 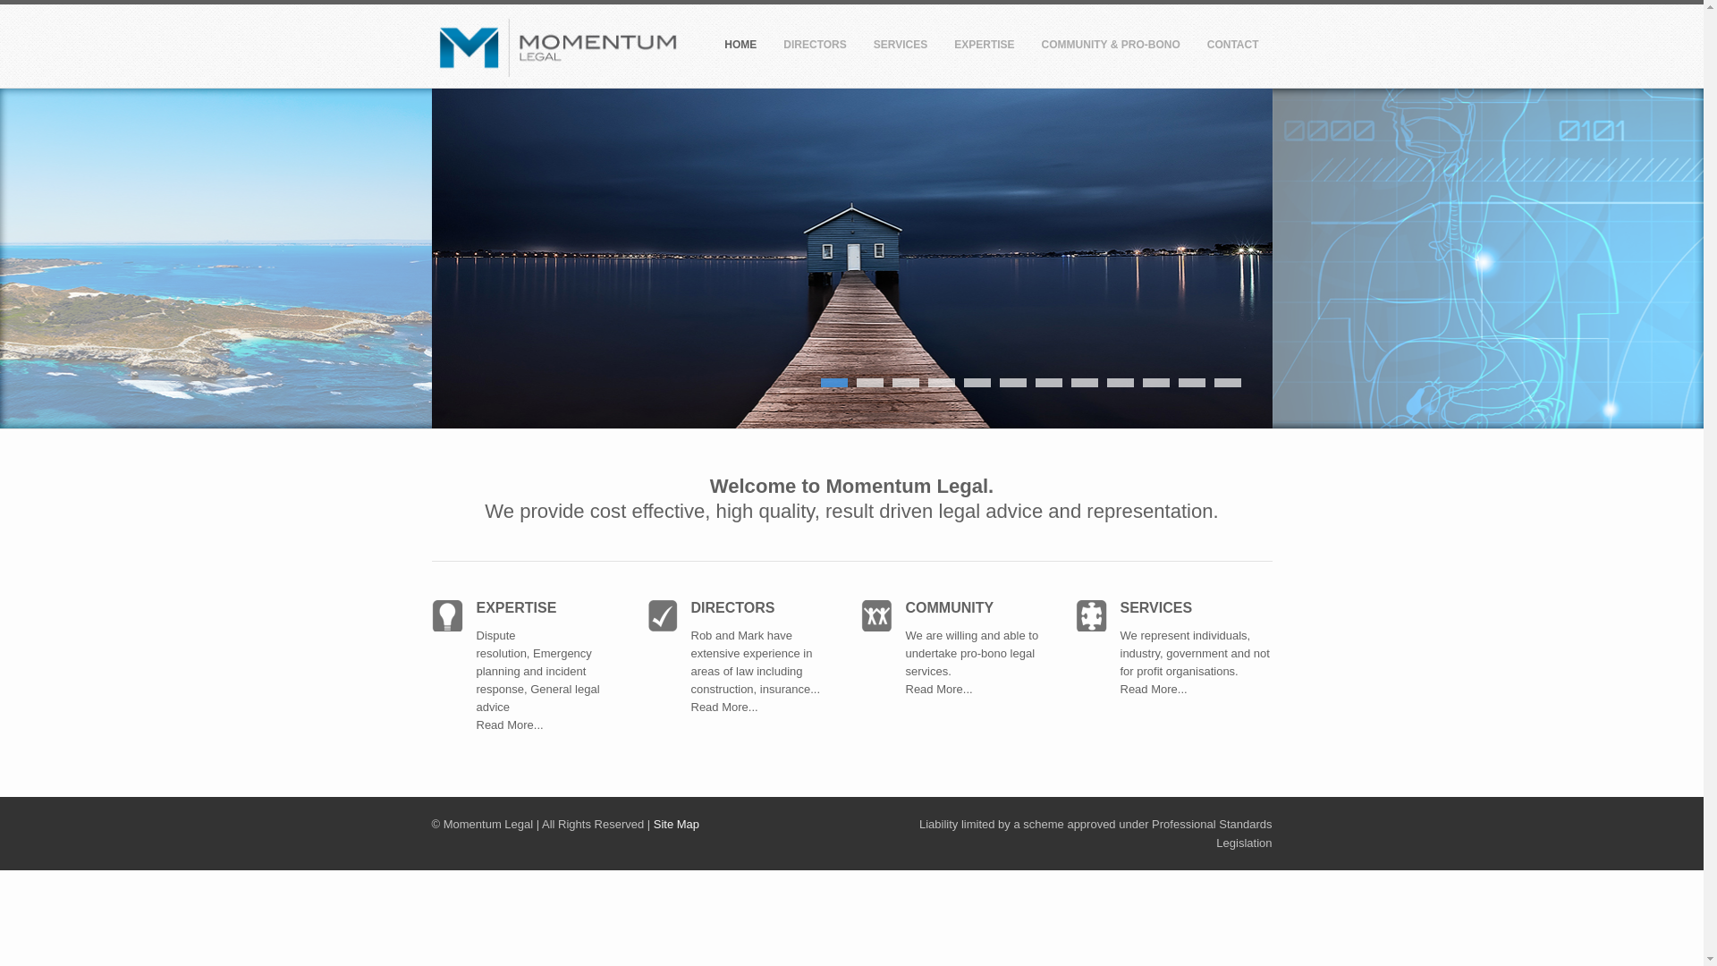 I want to click on '5', so click(x=977, y=382).